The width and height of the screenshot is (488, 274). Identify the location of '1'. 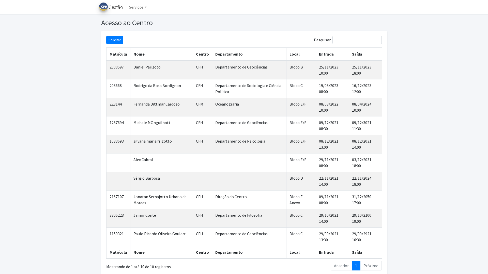
(351, 265).